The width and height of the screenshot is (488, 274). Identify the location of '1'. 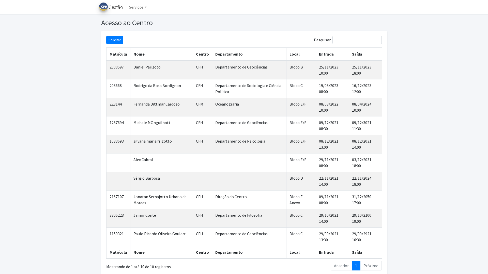
(351, 265).